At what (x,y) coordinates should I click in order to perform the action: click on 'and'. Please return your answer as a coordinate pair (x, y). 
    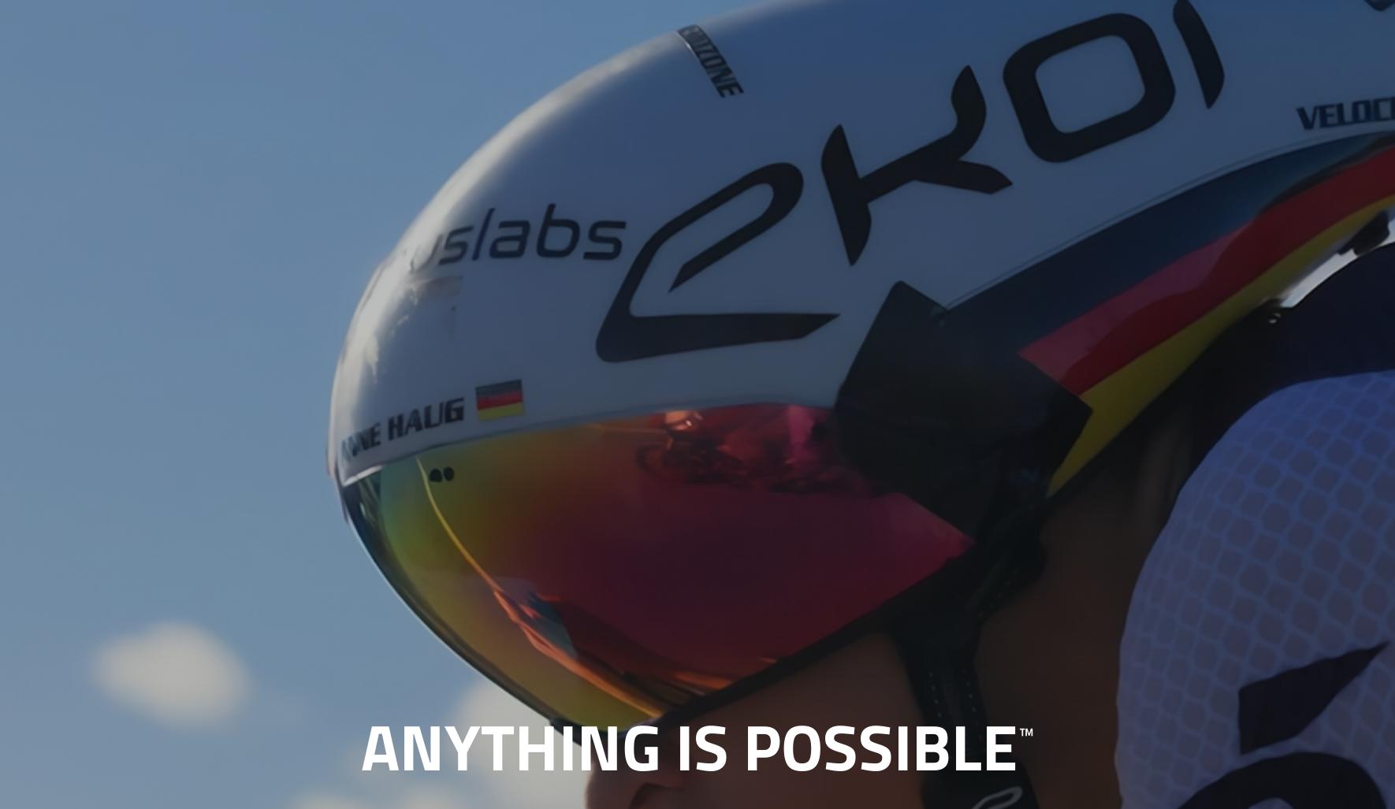
    Looking at the image, I should click on (502, 208).